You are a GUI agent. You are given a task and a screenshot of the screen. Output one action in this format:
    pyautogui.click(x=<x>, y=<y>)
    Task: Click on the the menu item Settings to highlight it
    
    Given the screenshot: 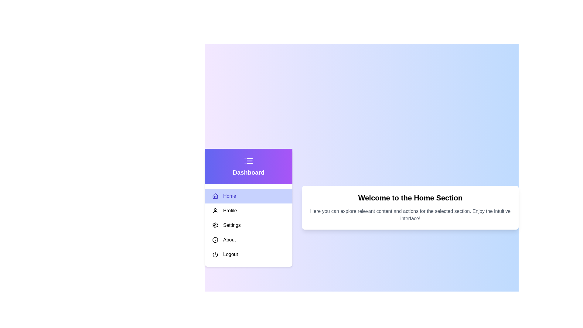 What is the action you would take?
    pyautogui.click(x=249, y=225)
    